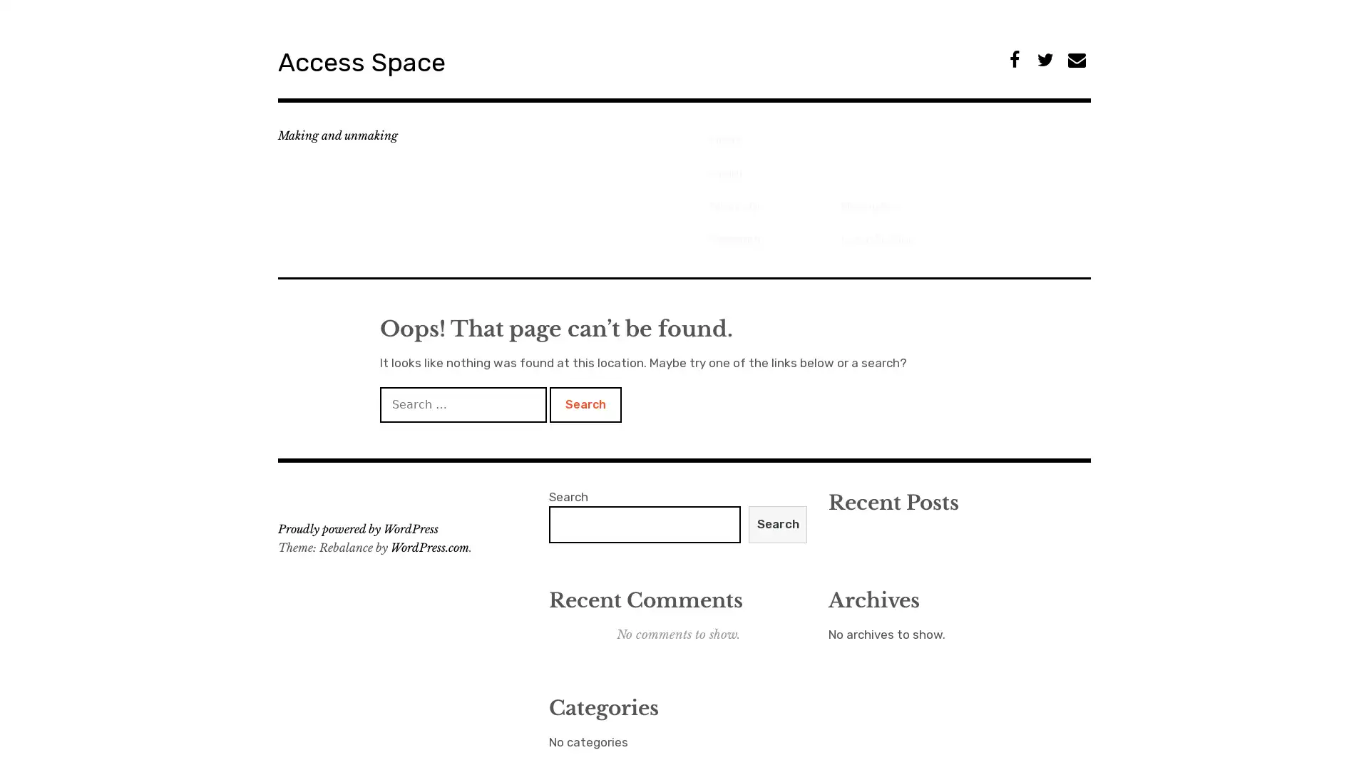 Image resolution: width=1369 pixels, height=770 pixels. What do you see at coordinates (776, 448) in the screenshot?
I see `Search` at bounding box center [776, 448].